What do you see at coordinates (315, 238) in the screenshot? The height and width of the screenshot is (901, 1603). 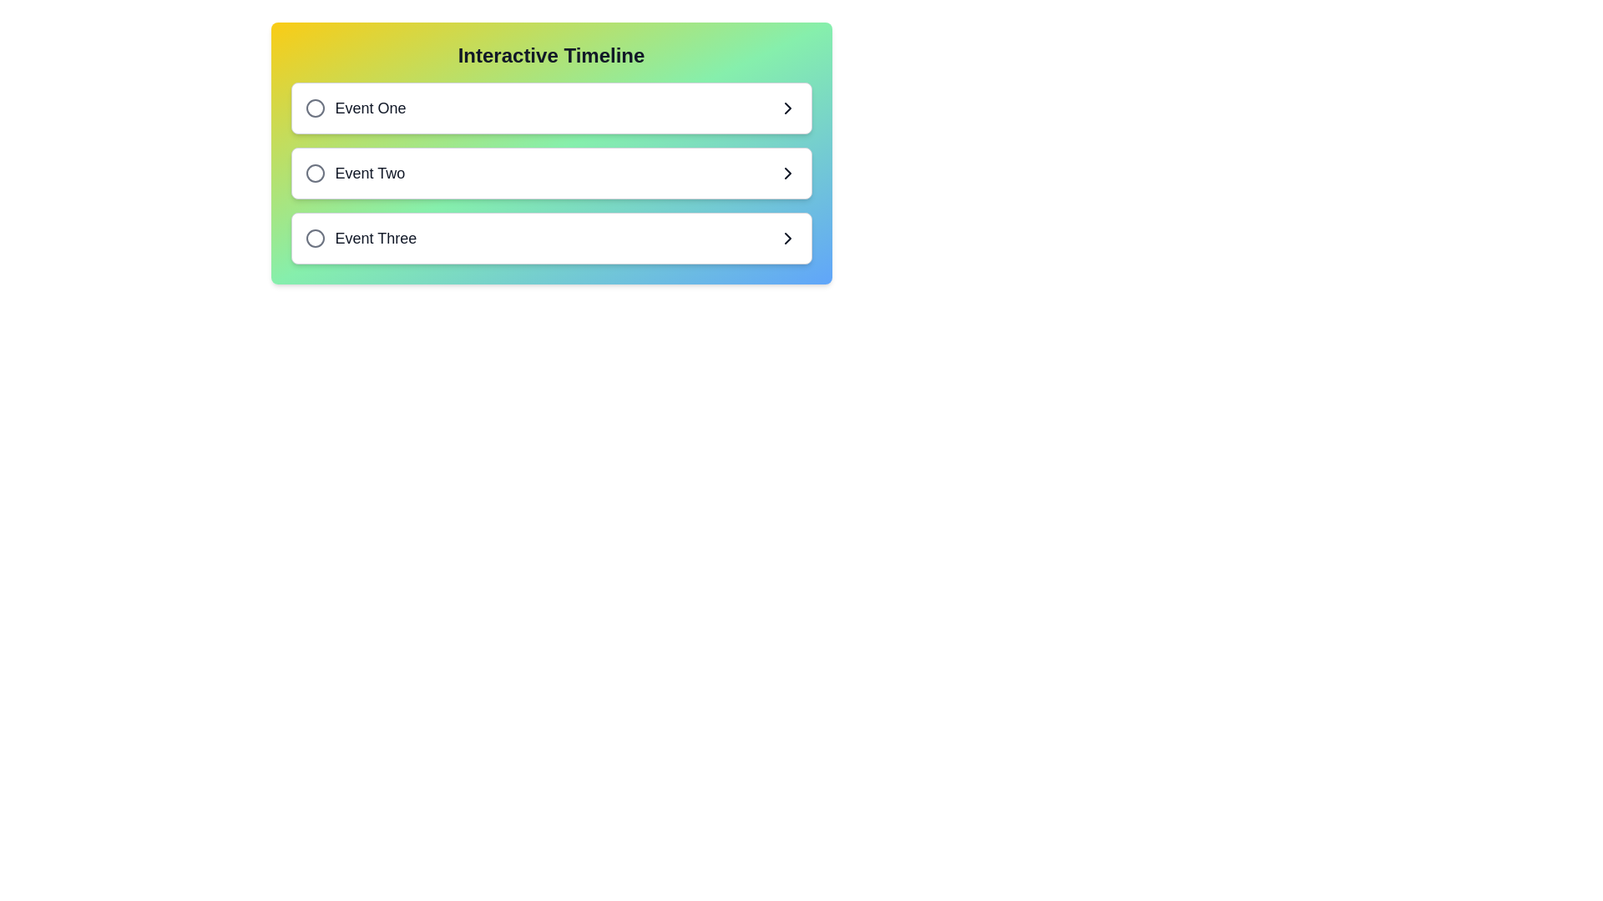 I see `the icon next` at bounding box center [315, 238].